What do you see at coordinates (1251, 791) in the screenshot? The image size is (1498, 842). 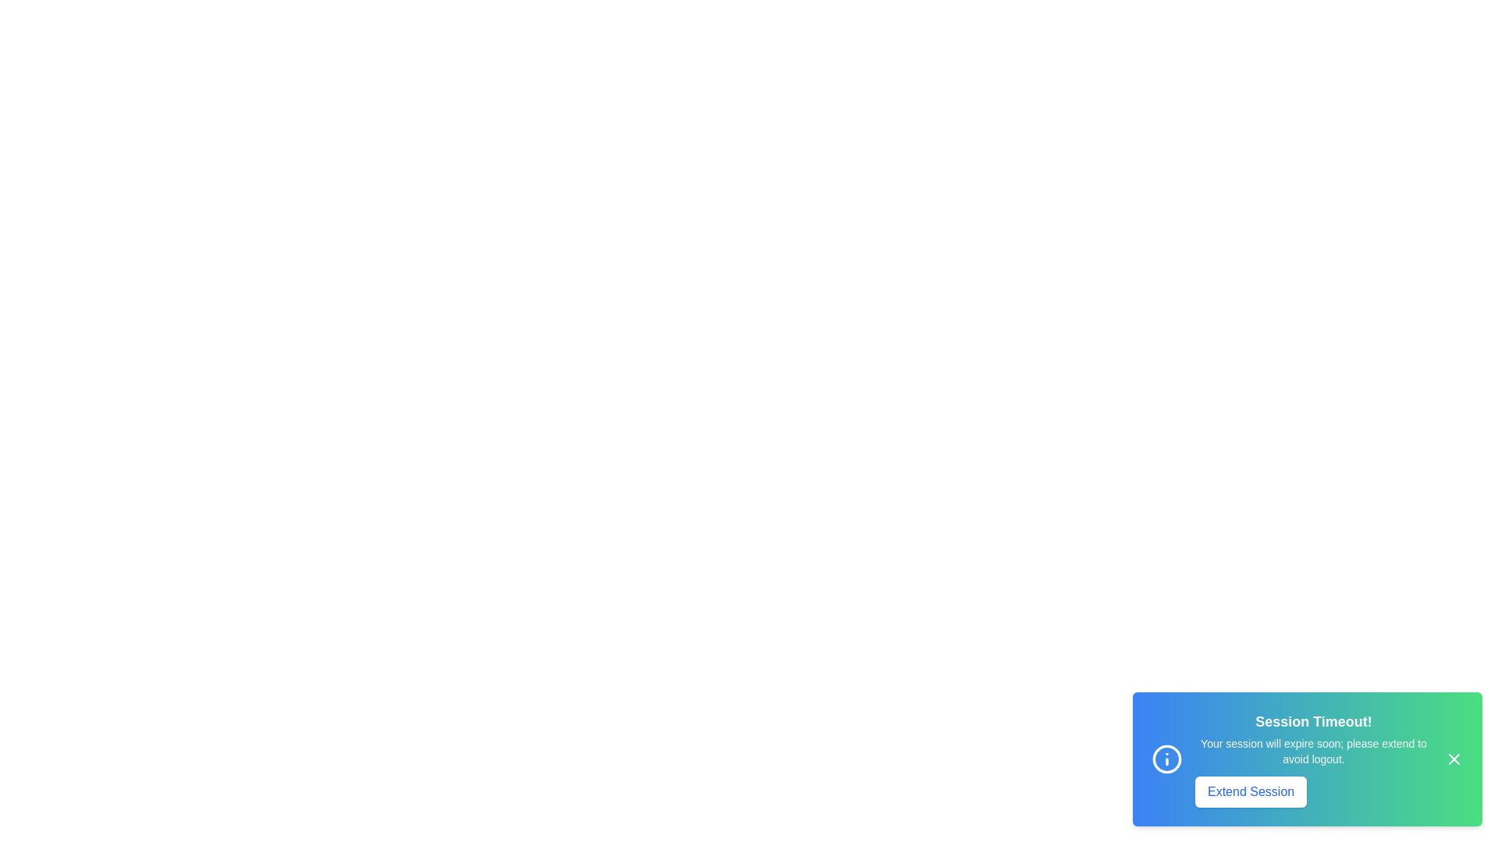 I see `the 'Extend Session' button to extend the session` at bounding box center [1251, 791].